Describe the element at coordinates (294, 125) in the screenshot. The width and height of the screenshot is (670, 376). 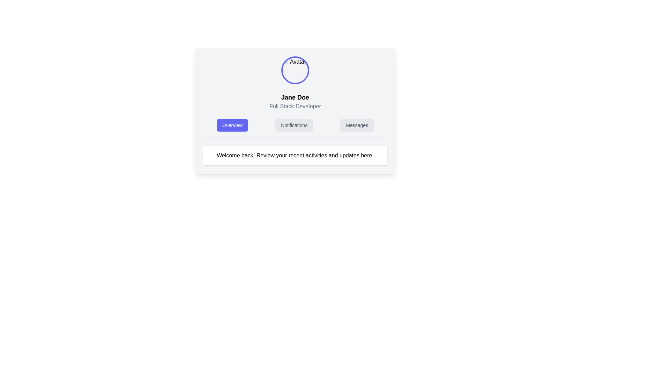
I see `the notifications navigation tab button, which is centrally located in the layout and positioned as the second item in a horizontal navigation bar` at that location.